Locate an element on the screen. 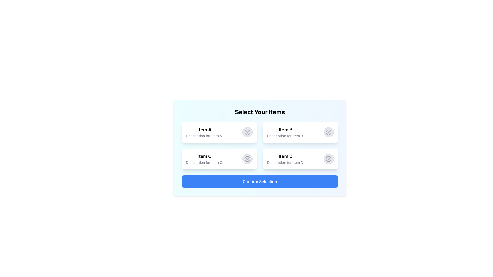 This screenshot has height=277, width=493. the non-interactive text label providing information about 'Item B', located beneath the 'Item B' label in the second card of the grid layout within the 'Select Your Items' panel is located at coordinates (285, 135).